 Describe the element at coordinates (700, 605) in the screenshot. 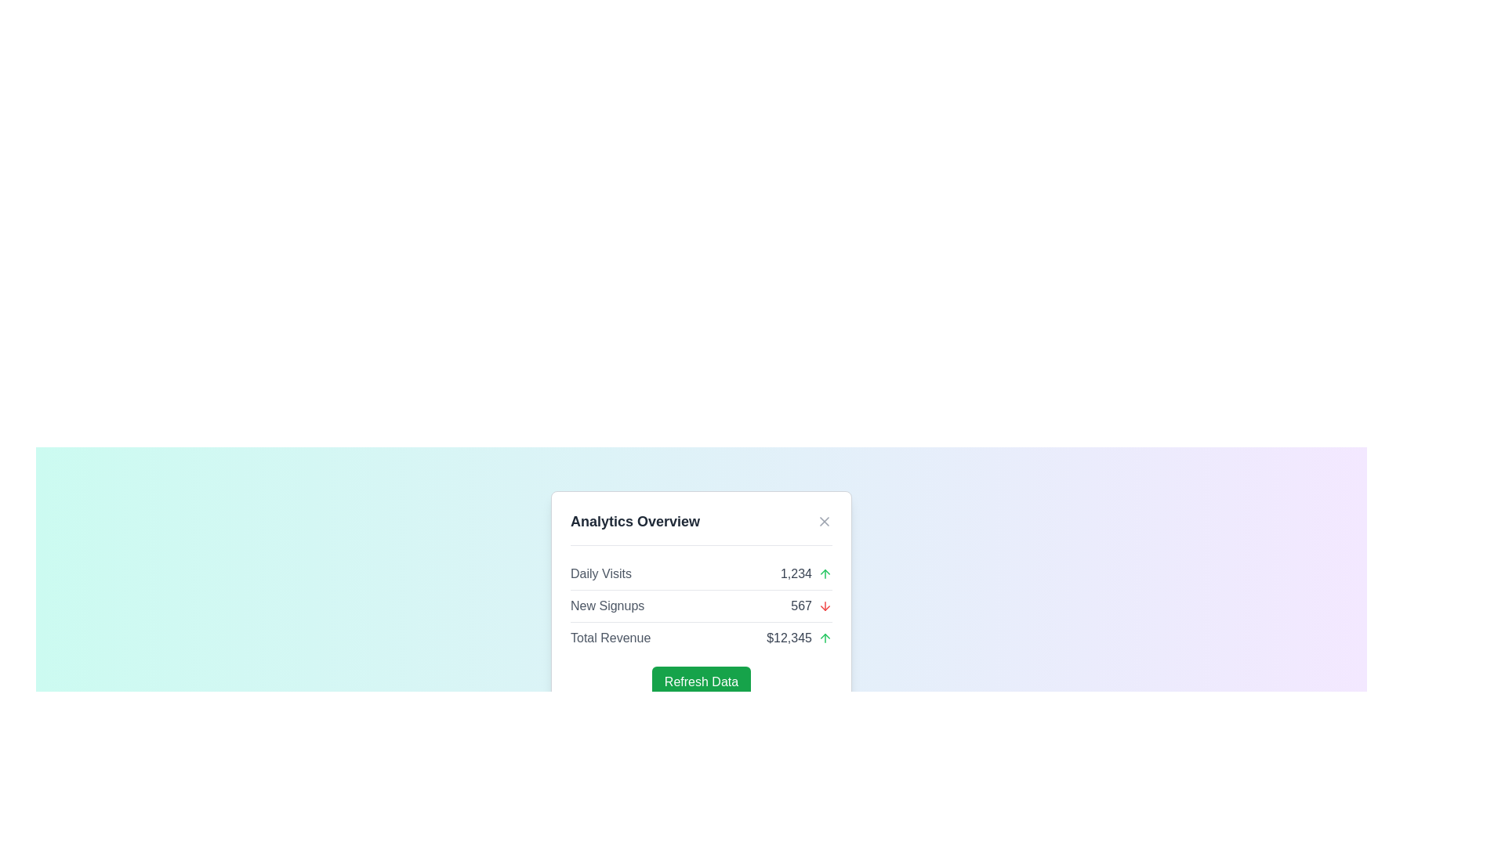

I see `the DataRow that displays the number of new signups, located as the second row in the card body, below 'Daily Visits' and above 'Total Revenue', and centrally aligned in the card` at that location.